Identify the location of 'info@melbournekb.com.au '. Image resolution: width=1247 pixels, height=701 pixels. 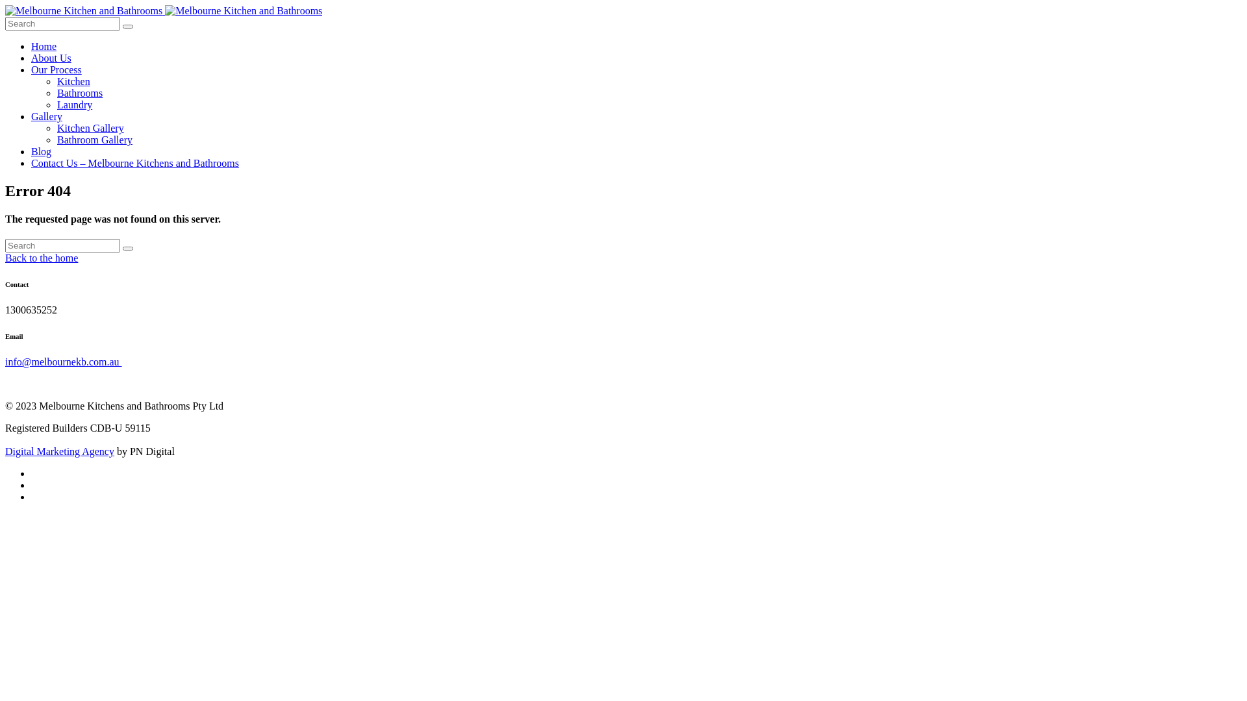
(62, 362).